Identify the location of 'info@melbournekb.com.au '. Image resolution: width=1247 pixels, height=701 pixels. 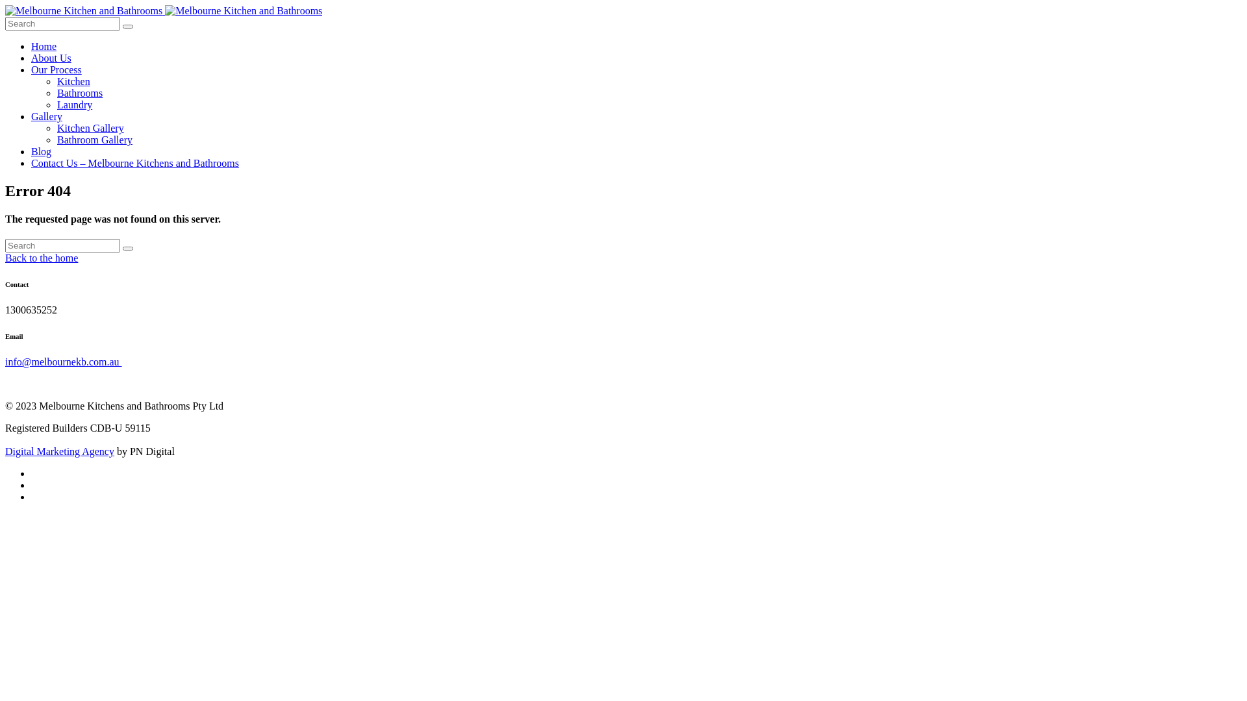
(62, 362).